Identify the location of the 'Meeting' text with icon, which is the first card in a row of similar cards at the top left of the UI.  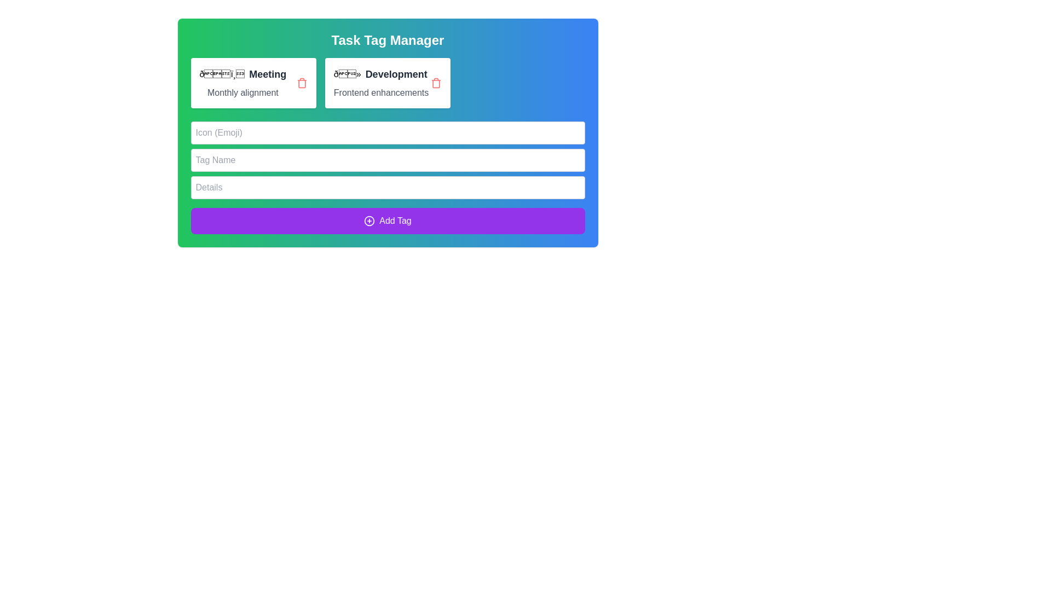
(242, 74).